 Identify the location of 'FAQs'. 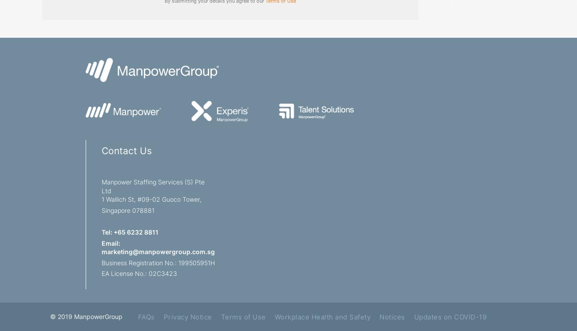
(146, 316).